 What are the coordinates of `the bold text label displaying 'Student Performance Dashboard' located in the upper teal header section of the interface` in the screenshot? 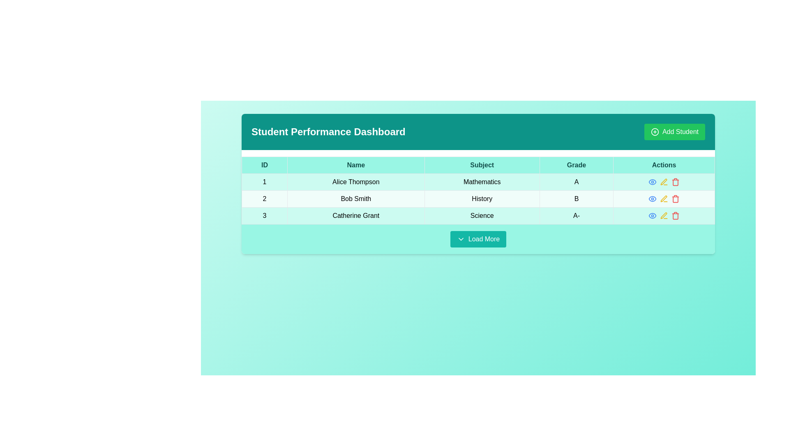 It's located at (328, 131).